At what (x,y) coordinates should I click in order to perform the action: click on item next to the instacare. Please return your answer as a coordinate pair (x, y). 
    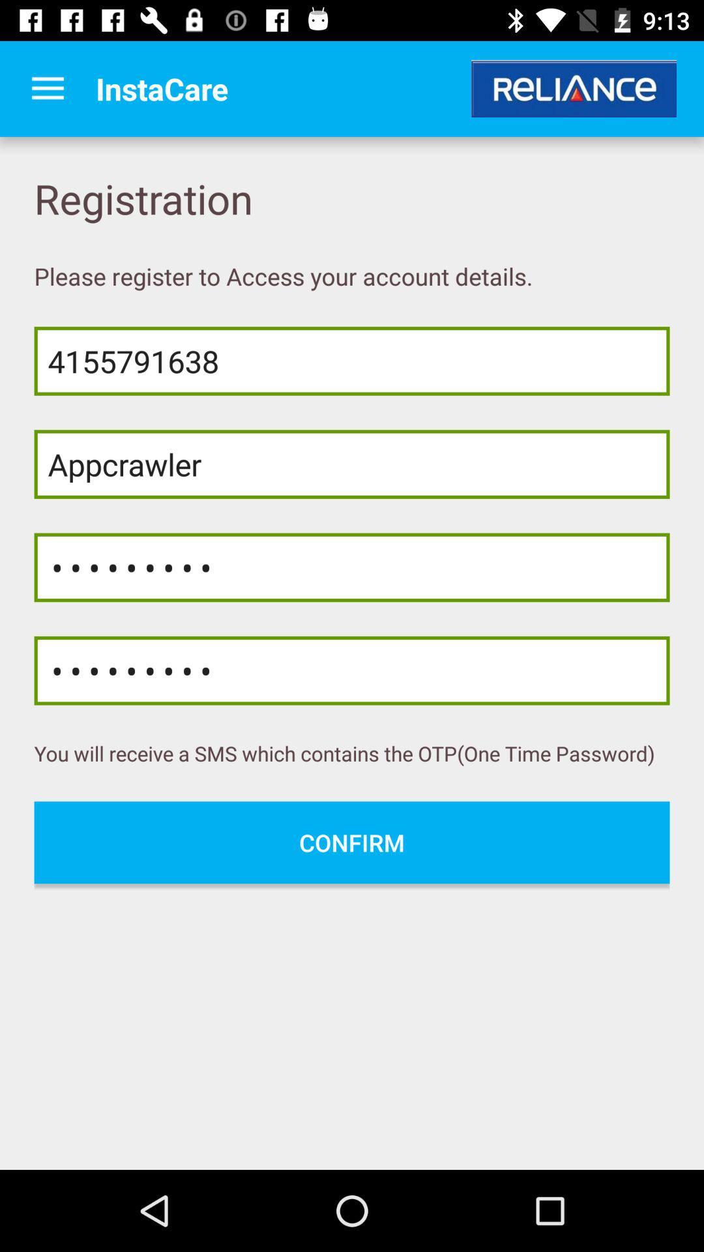
    Looking at the image, I should click on (47, 88).